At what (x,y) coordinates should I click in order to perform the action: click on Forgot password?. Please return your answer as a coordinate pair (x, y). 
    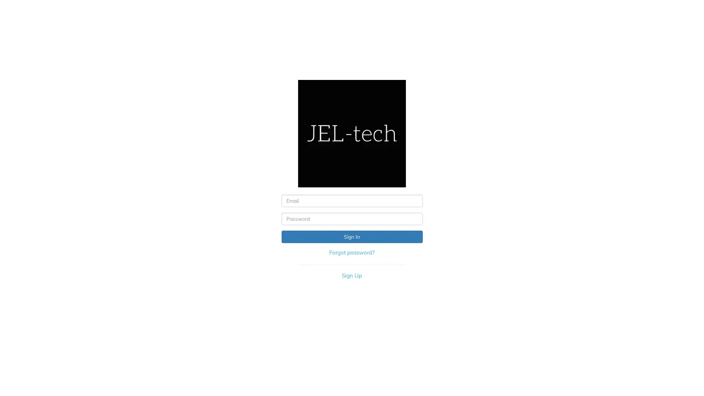
    Looking at the image, I should click on (351, 252).